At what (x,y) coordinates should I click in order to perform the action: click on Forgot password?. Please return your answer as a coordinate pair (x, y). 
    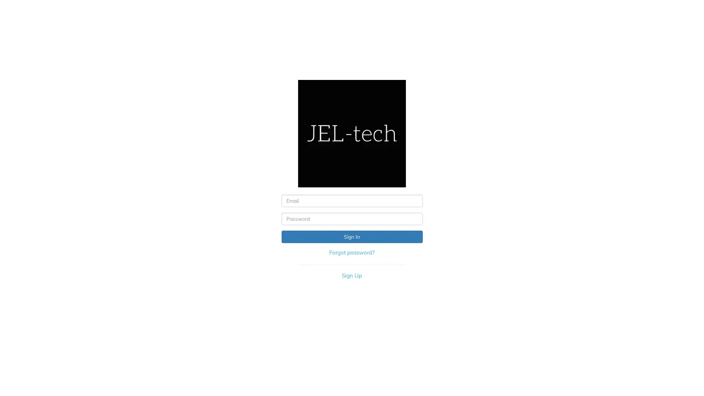
    Looking at the image, I should click on (351, 252).